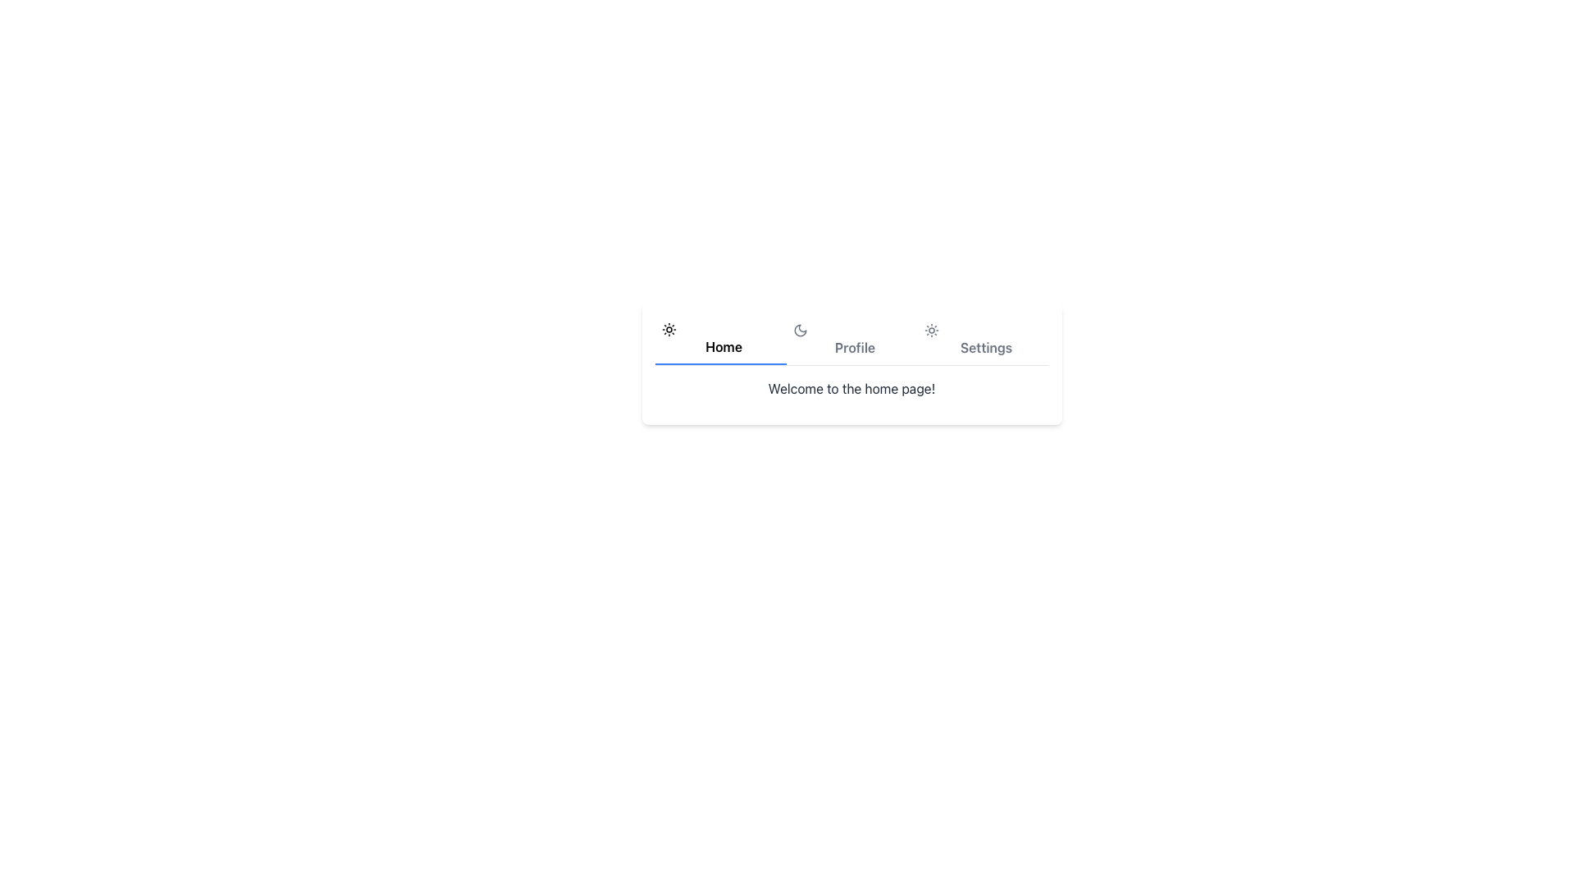 The height and width of the screenshot is (886, 1575). Describe the element at coordinates (854, 347) in the screenshot. I see `the 'Profile' text label in the navigation menu, which is centrally positioned between 'Home' and 'Settings', and appears to the right of a moon icon` at that location.